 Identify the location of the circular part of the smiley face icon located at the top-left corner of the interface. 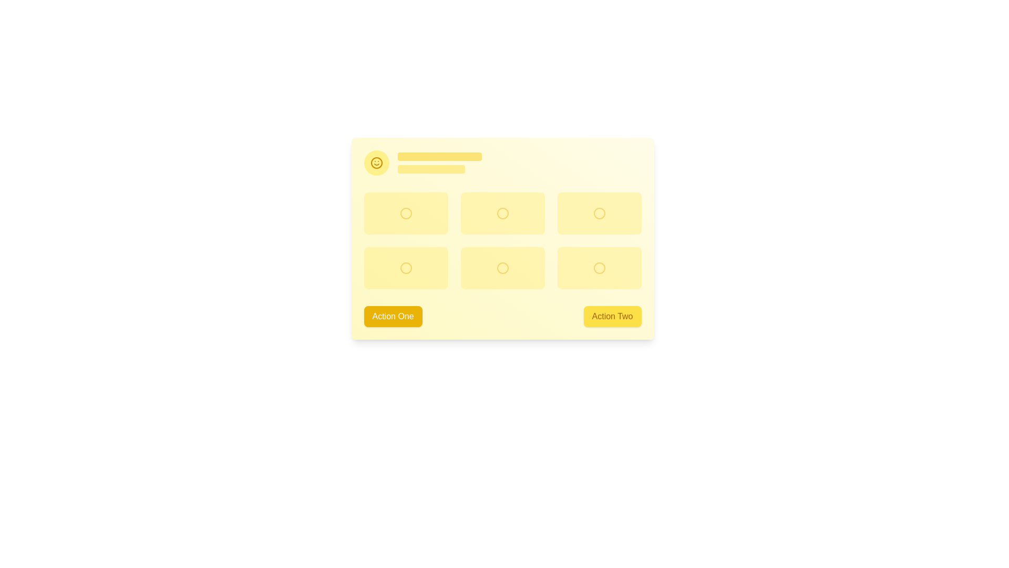
(376, 163).